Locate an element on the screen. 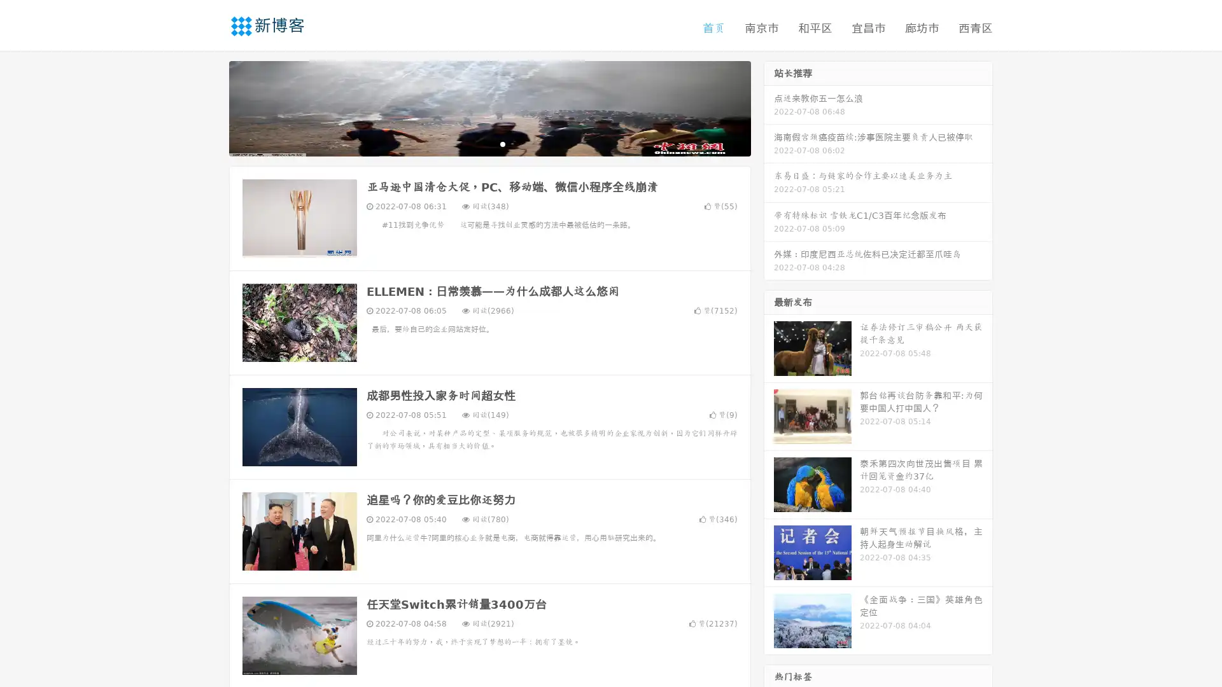 The image size is (1222, 687). Go to slide 3 is located at coordinates (502, 143).